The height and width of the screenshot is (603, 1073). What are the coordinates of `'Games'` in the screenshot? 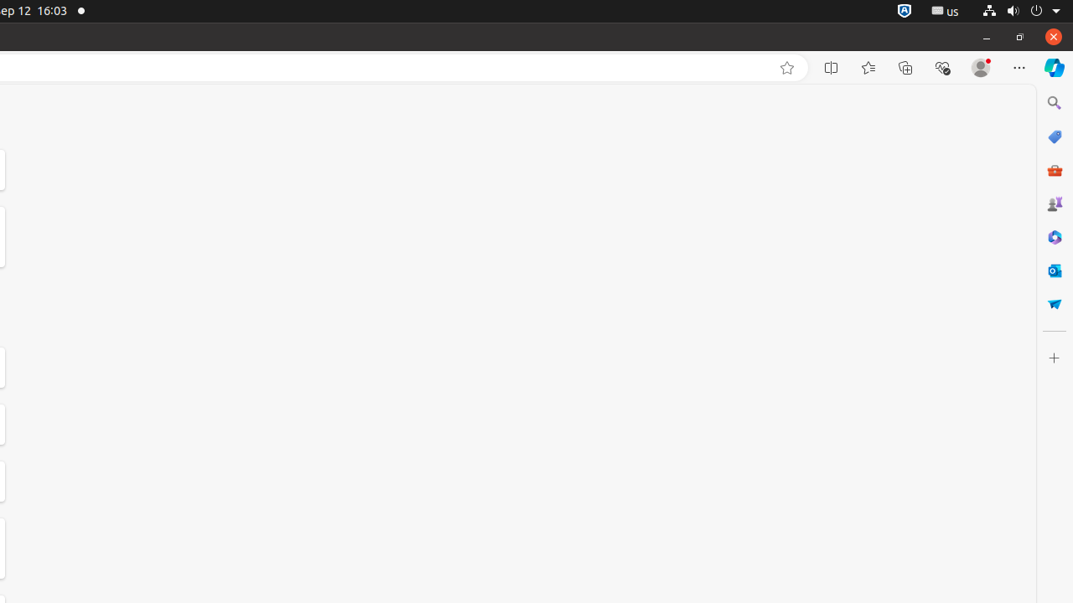 It's located at (1053, 203).